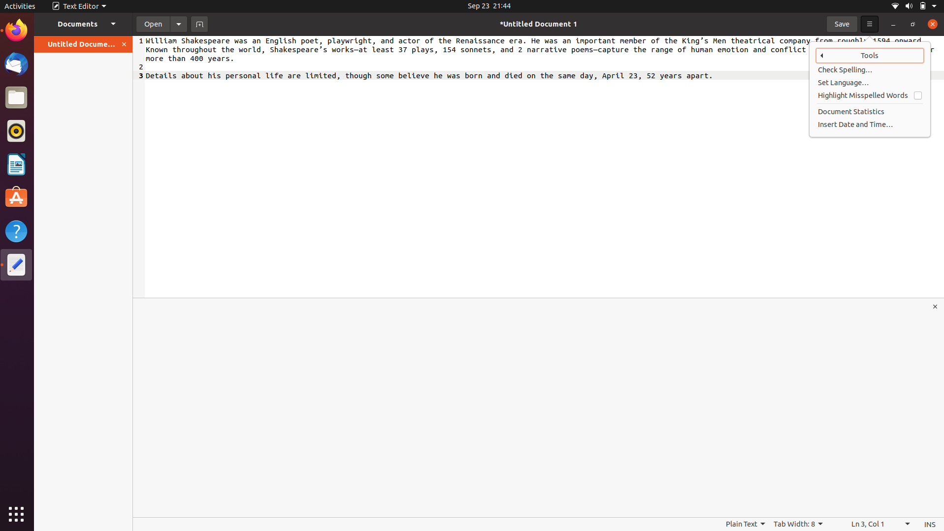 Image resolution: width=944 pixels, height=531 pixels. I want to click on In the more documents panel, go down to and open the second document, so click(83, 23).